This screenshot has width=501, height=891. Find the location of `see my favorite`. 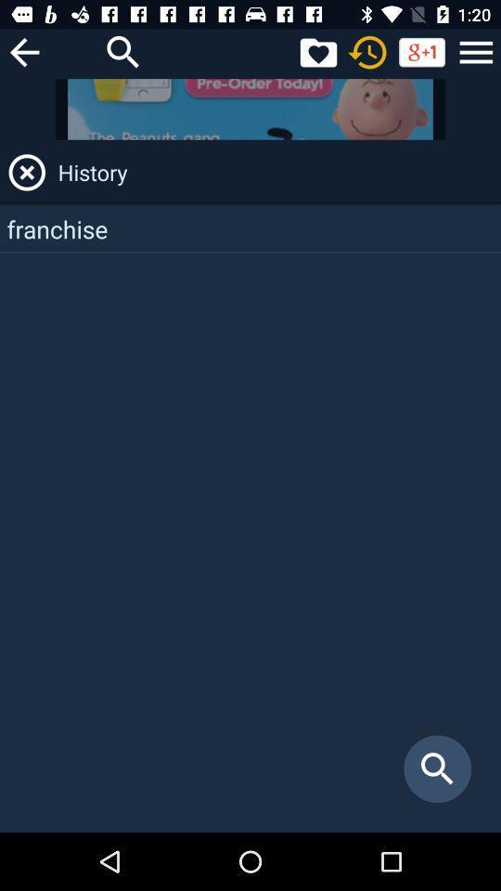

see my favorite is located at coordinates (317, 51).